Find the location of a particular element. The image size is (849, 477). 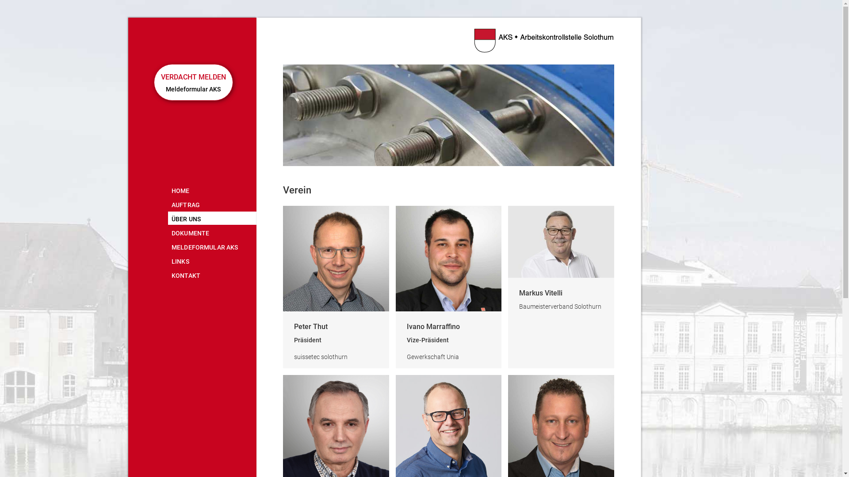

'HOME' is located at coordinates (168, 189).